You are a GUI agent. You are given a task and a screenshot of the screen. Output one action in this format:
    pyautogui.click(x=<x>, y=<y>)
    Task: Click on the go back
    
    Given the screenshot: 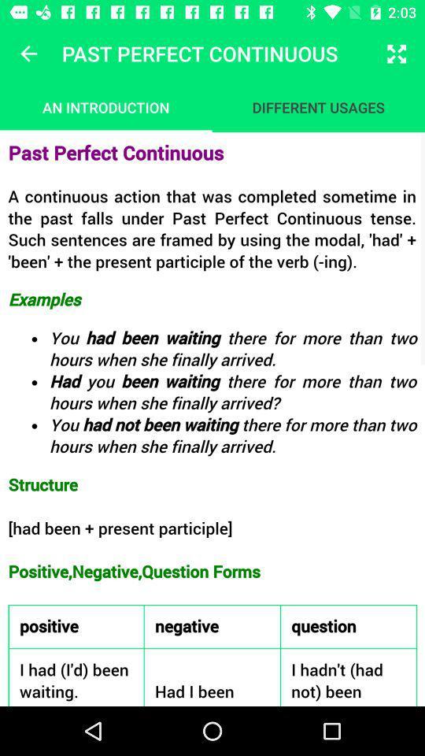 What is the action you would take?
    pyautogui.click(x=28, y=54)
    